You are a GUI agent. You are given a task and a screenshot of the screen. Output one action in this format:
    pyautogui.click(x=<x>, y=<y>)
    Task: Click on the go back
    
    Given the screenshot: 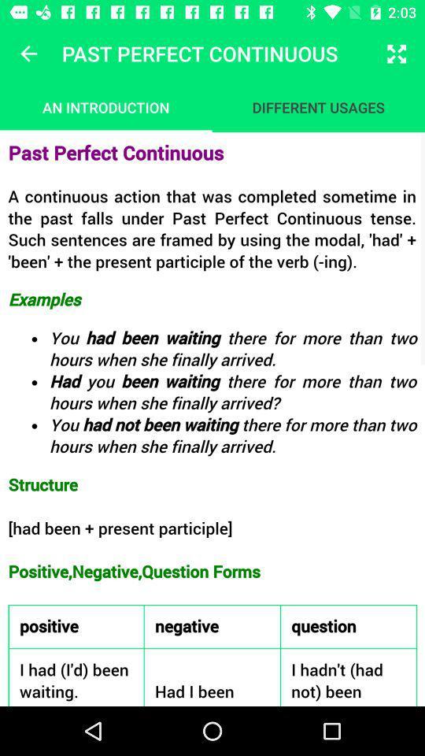 What is the action you would take?
    pyautogui.click(x=28, y=54)
    